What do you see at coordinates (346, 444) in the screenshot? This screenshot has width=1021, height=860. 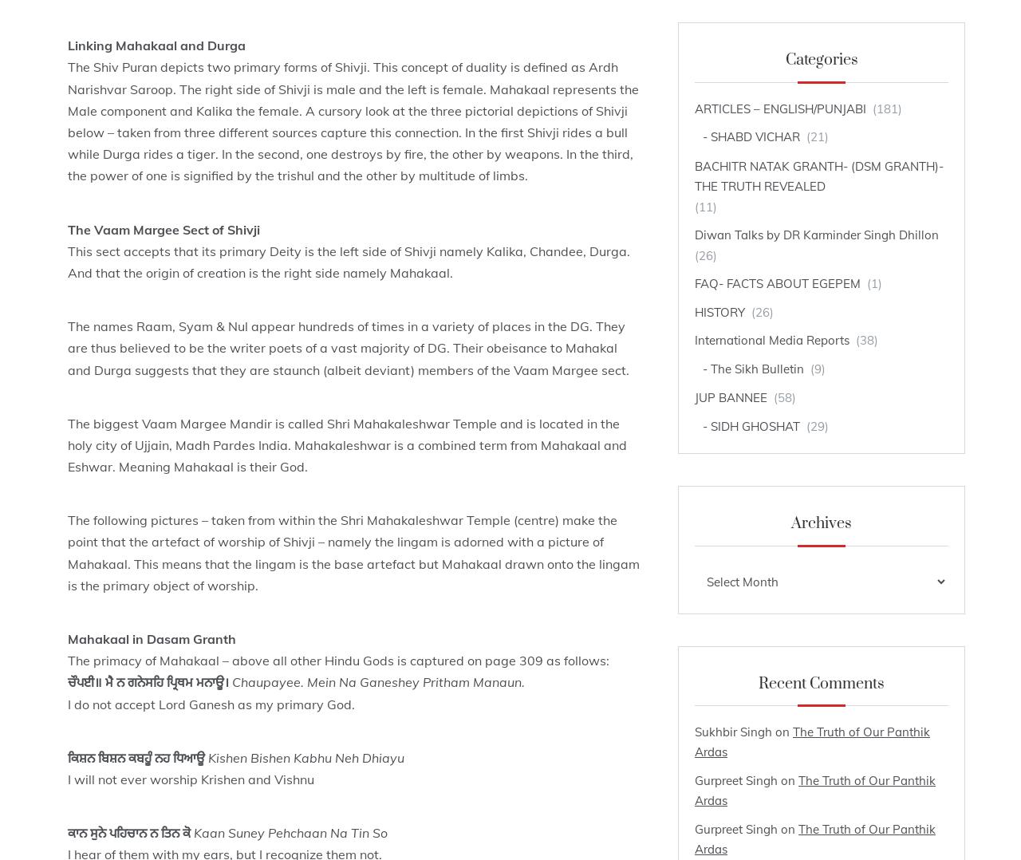 I see `'The biggest Vaam Margee Mandir is called Shri Mahakaleshwar Temple and is located in the holy city of Ujjain, Madh Pardes India. Mahakaleshwar is a combined term from Mahakaal and Eshwar. Meaning Mahakaal is their God.'` at bounding box center [346, 444].